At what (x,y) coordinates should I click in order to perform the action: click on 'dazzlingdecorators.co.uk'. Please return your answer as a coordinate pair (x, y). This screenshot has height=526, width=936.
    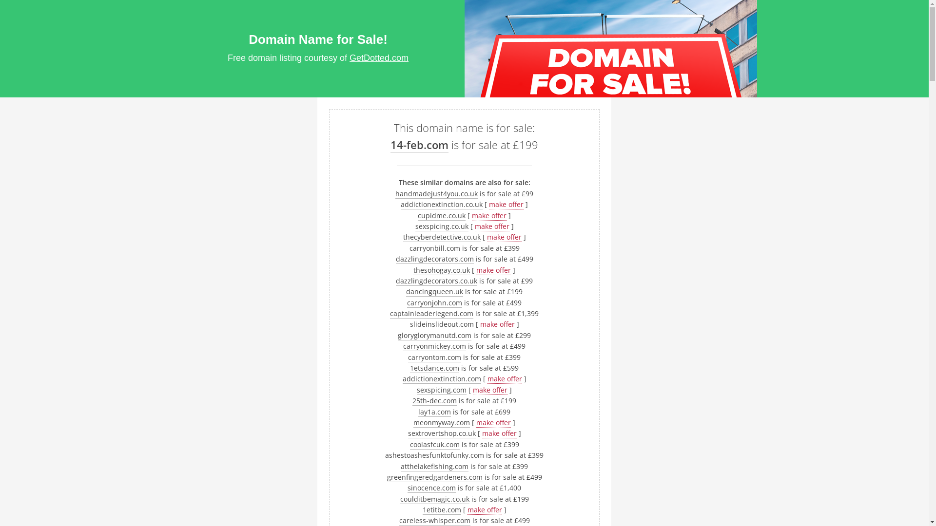
    Looking at the image, I should click on (436, 281).